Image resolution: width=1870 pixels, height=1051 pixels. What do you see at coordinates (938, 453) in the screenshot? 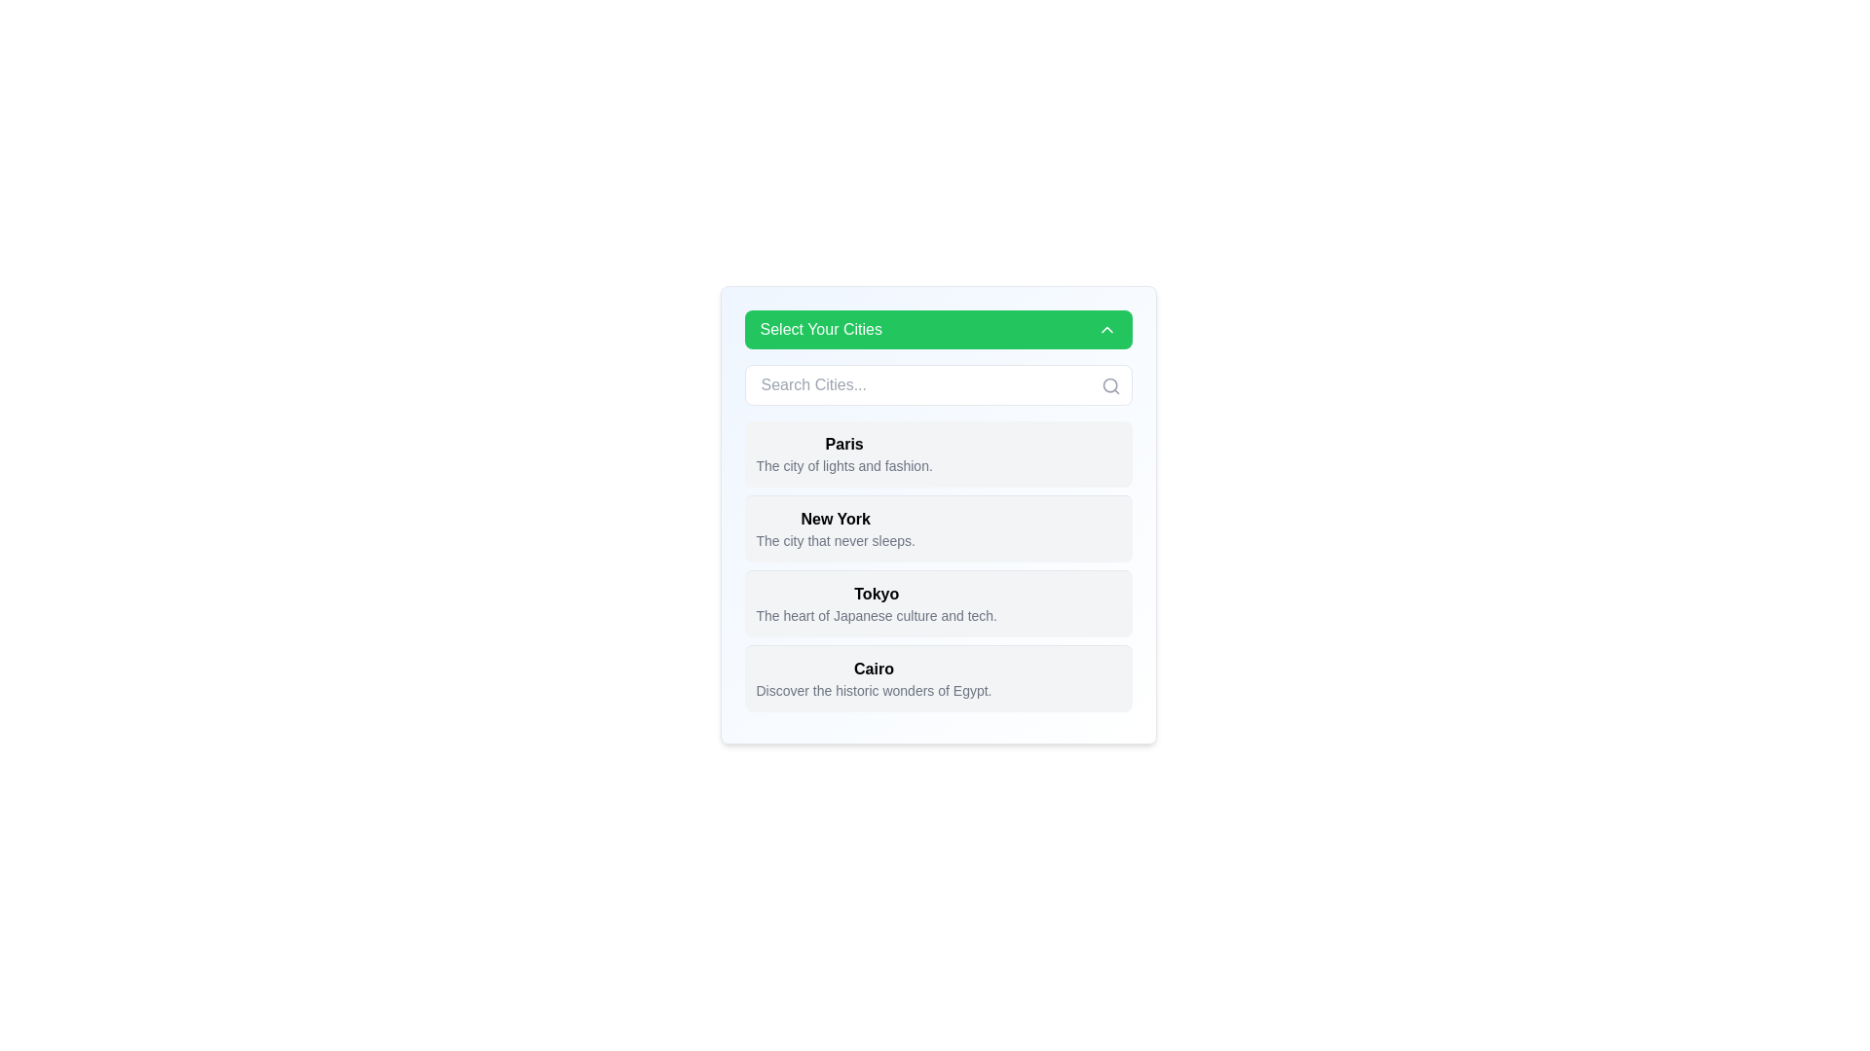
I see `the first Button-like list item located directly below the 'Search Cities...' bar` at bounding box center [938, 453].